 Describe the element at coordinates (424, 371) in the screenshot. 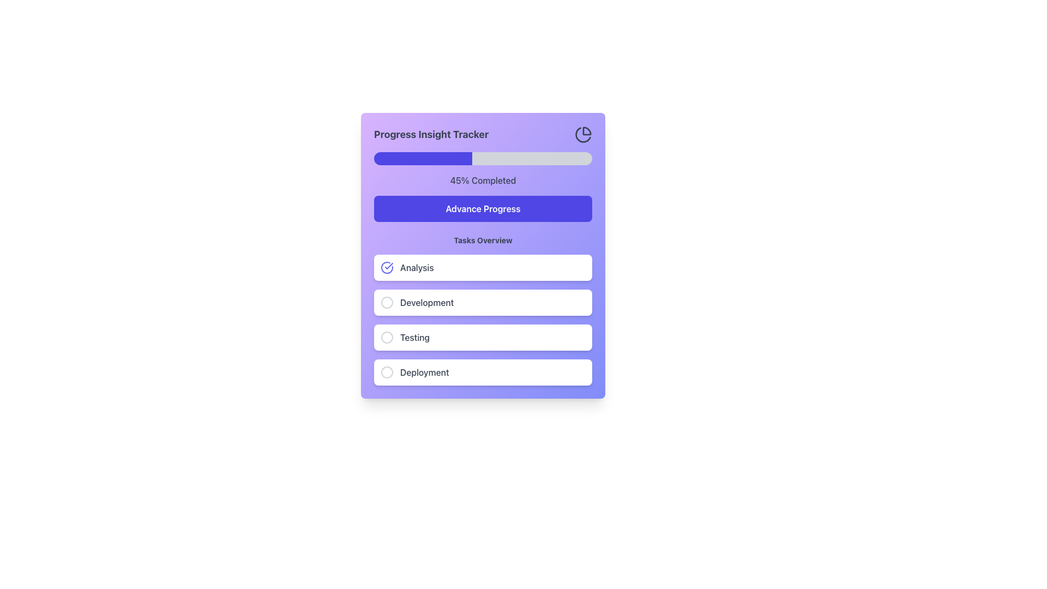

I see `the Text Label displaying 'Deployment' styled in gray color and medium font weight, located to the right of the circular icon` at that location.